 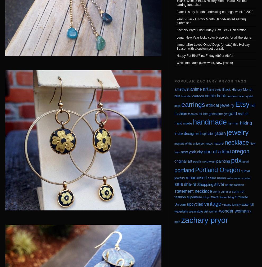 I want to click on 'Popular Zachary Pryor tags', so click(x=210, y=81).